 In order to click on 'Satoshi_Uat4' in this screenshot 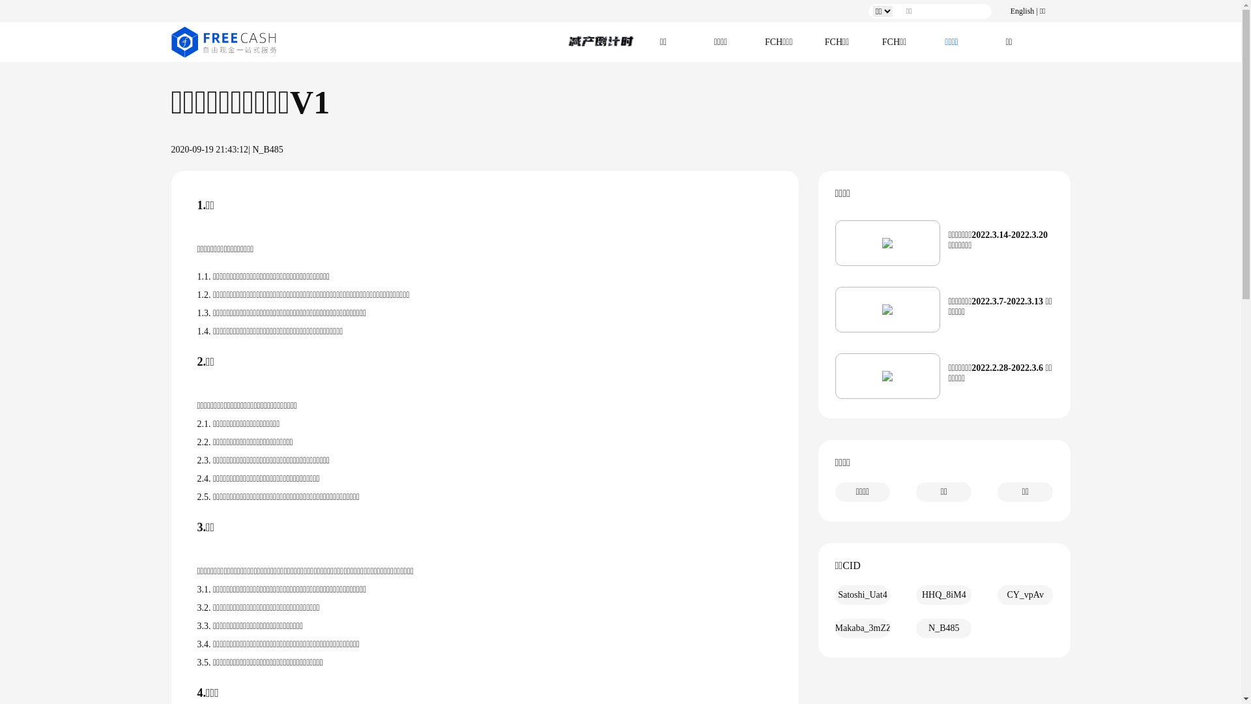, I will do `click(863, 595)`.